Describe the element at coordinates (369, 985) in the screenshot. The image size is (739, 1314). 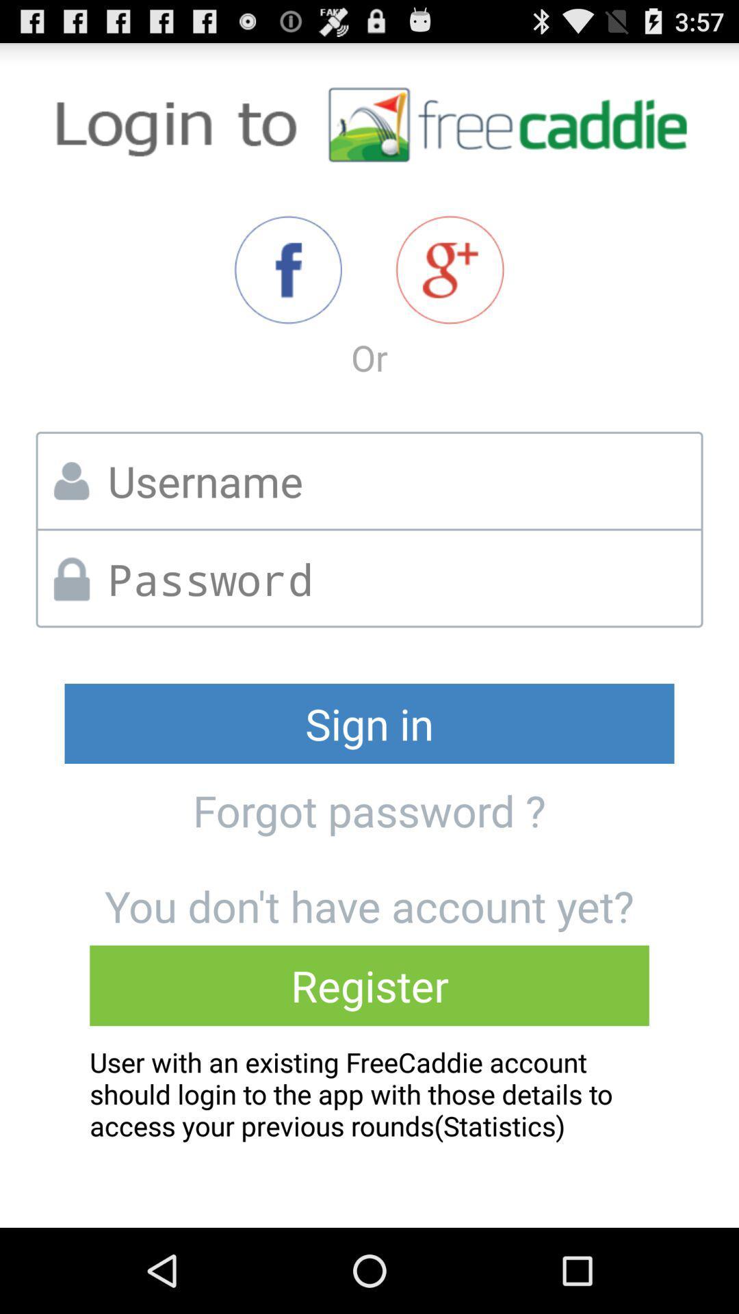
I see `the register item` at that location.